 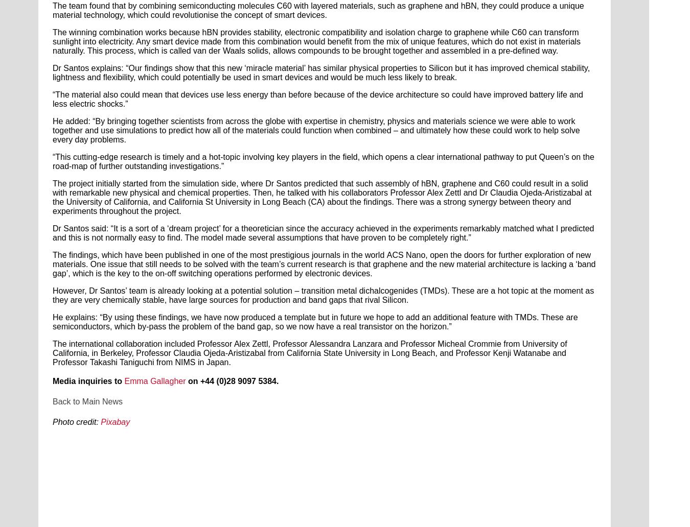 What do you see at coordinates (321, 72) in the screenshot?
I see `'Dr Santos explains: “Our findings show that this new ‘miracle material’ has similar physical properties to Silicon but it has improved chemical stability, lightness and flexibility, which could potentially be used in smart devices and would be much less likely to break.'` at bounding box center [321, 72].